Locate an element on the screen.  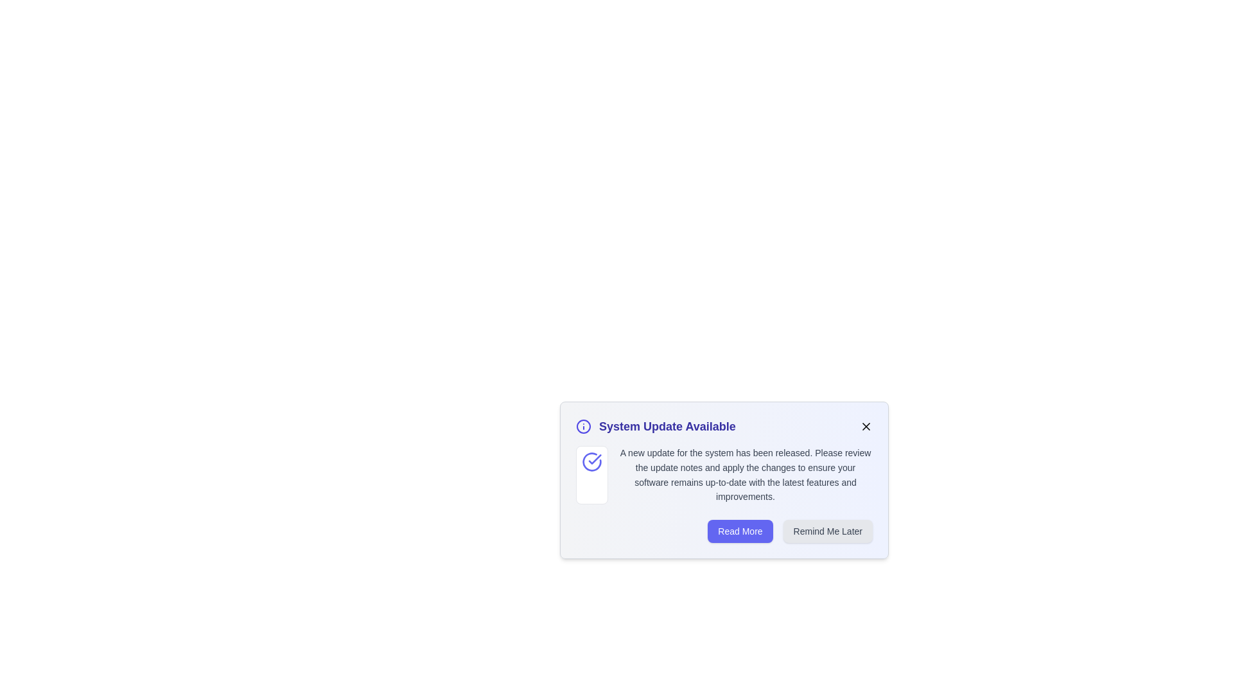
the informational icon to display more details is located at coordinates (582, 426).